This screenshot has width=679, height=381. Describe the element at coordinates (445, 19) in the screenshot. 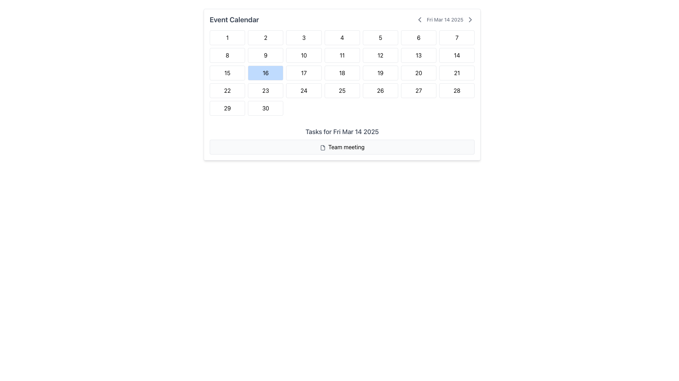

I see `the right arrow icon` at that location.